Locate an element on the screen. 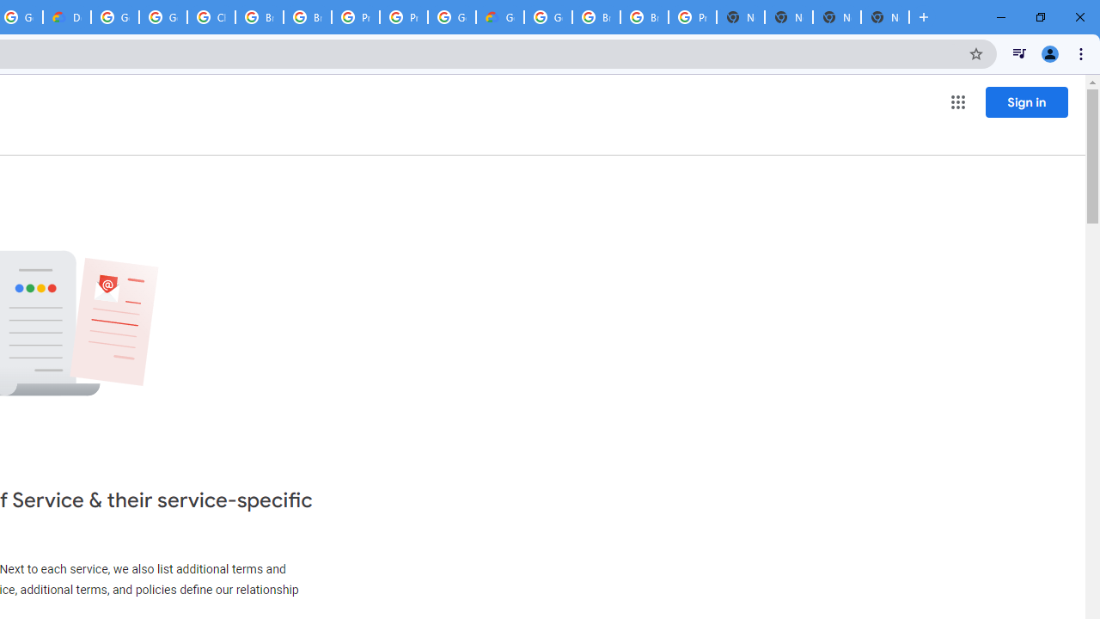  'Google Cloud Platform' is located at coordinates (547, 17).